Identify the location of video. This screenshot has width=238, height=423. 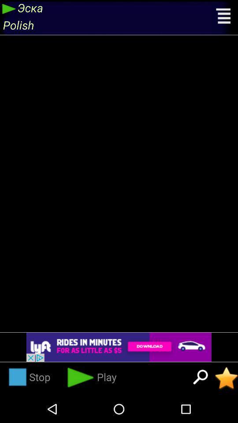
(226, 378).